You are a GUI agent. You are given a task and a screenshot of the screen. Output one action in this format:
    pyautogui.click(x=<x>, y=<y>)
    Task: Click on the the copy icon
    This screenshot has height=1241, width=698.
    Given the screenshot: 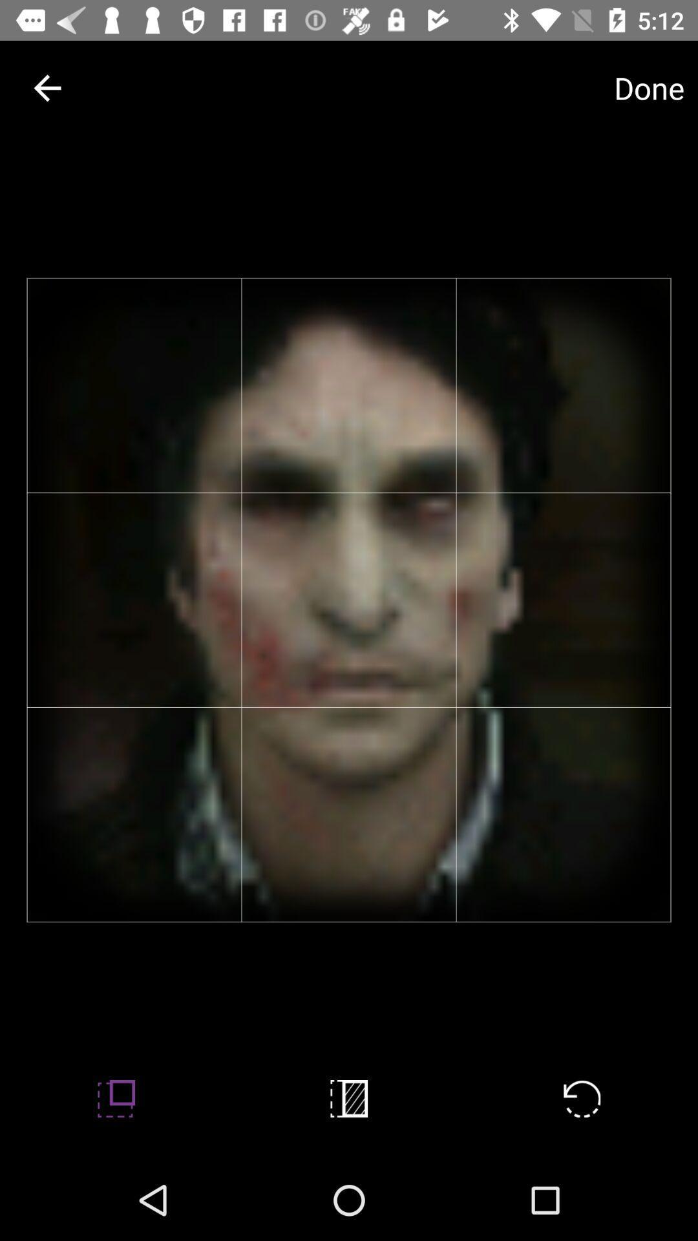 What is the action you would take?
    pyautogui.click(x=349, y=1098)
    